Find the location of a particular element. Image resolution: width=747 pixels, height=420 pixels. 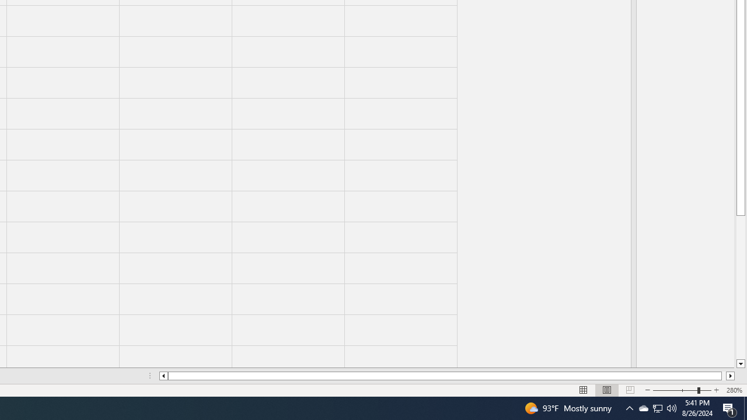

'Page Break Preview' is located at coordinates (629, 390).